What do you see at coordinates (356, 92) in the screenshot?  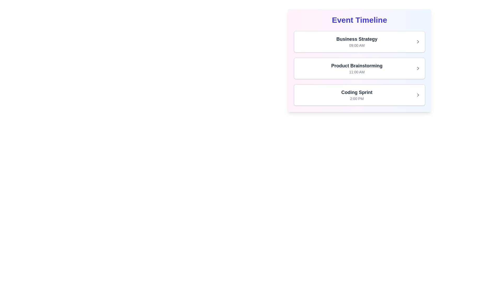 I see `the text element displaying 'Coding Sprint' which is the title of the third event card in the 'Event Timeline' list` at bounding box center [356, 92].